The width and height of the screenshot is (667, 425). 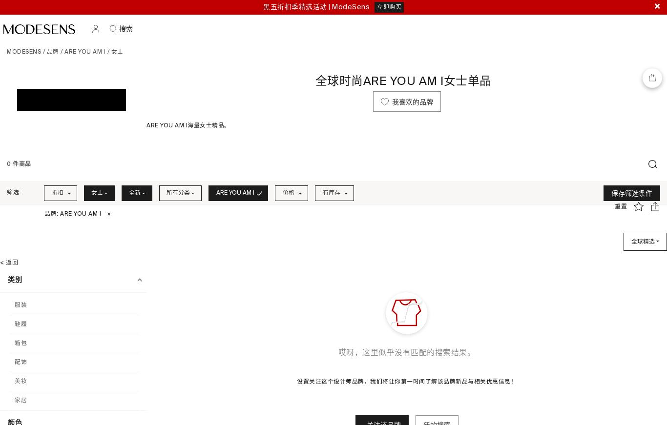 What do you see at coordinates (316, 6) in the screenshot?
I see `'黑五折扣季精选活动 | ModeSens'` at bounding box center [316, 6].